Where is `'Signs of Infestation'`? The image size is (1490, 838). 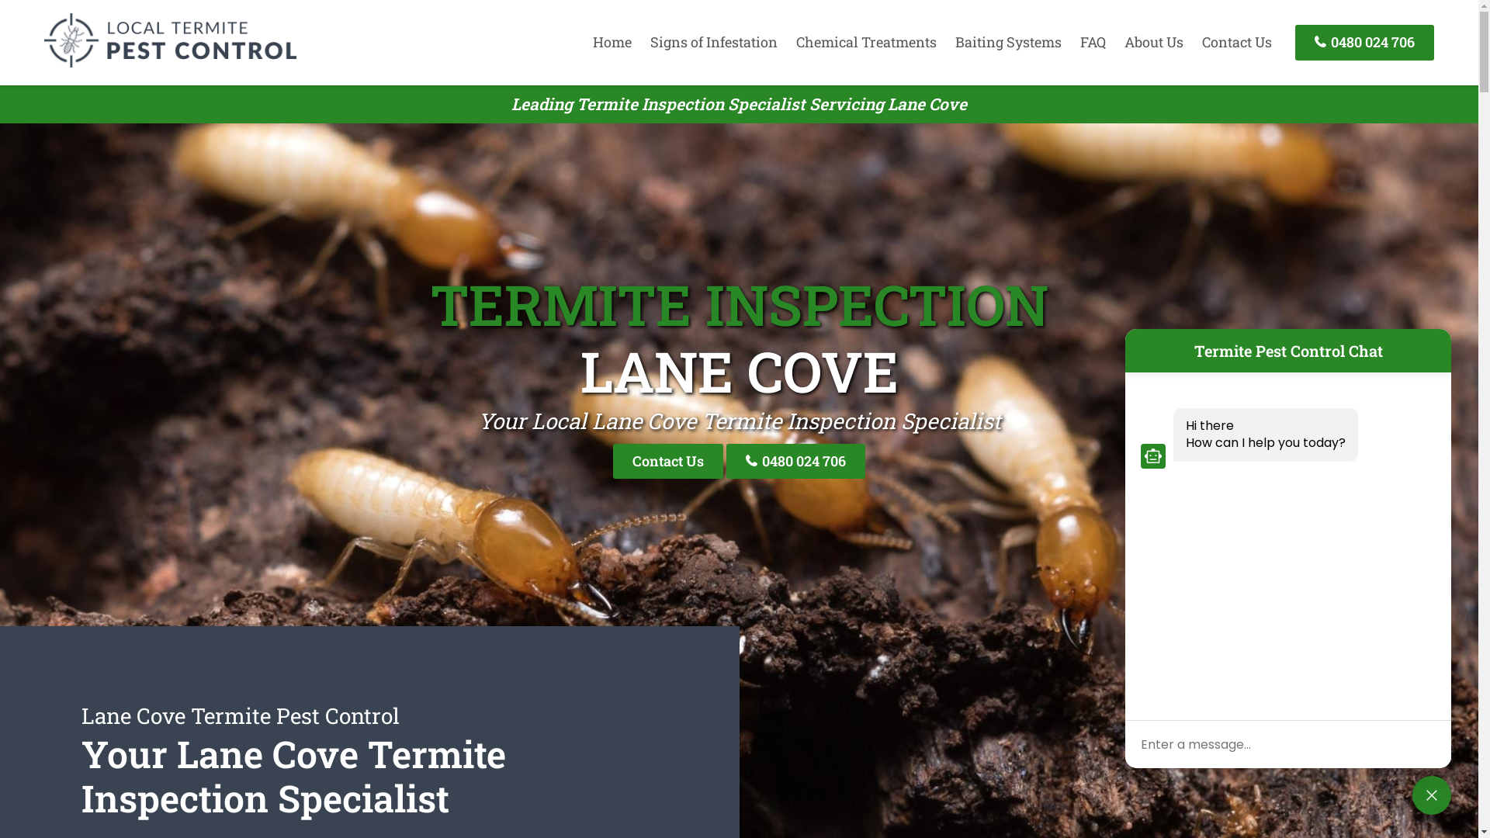 'Signs of Infestation' is located at coordinates (713, 41).